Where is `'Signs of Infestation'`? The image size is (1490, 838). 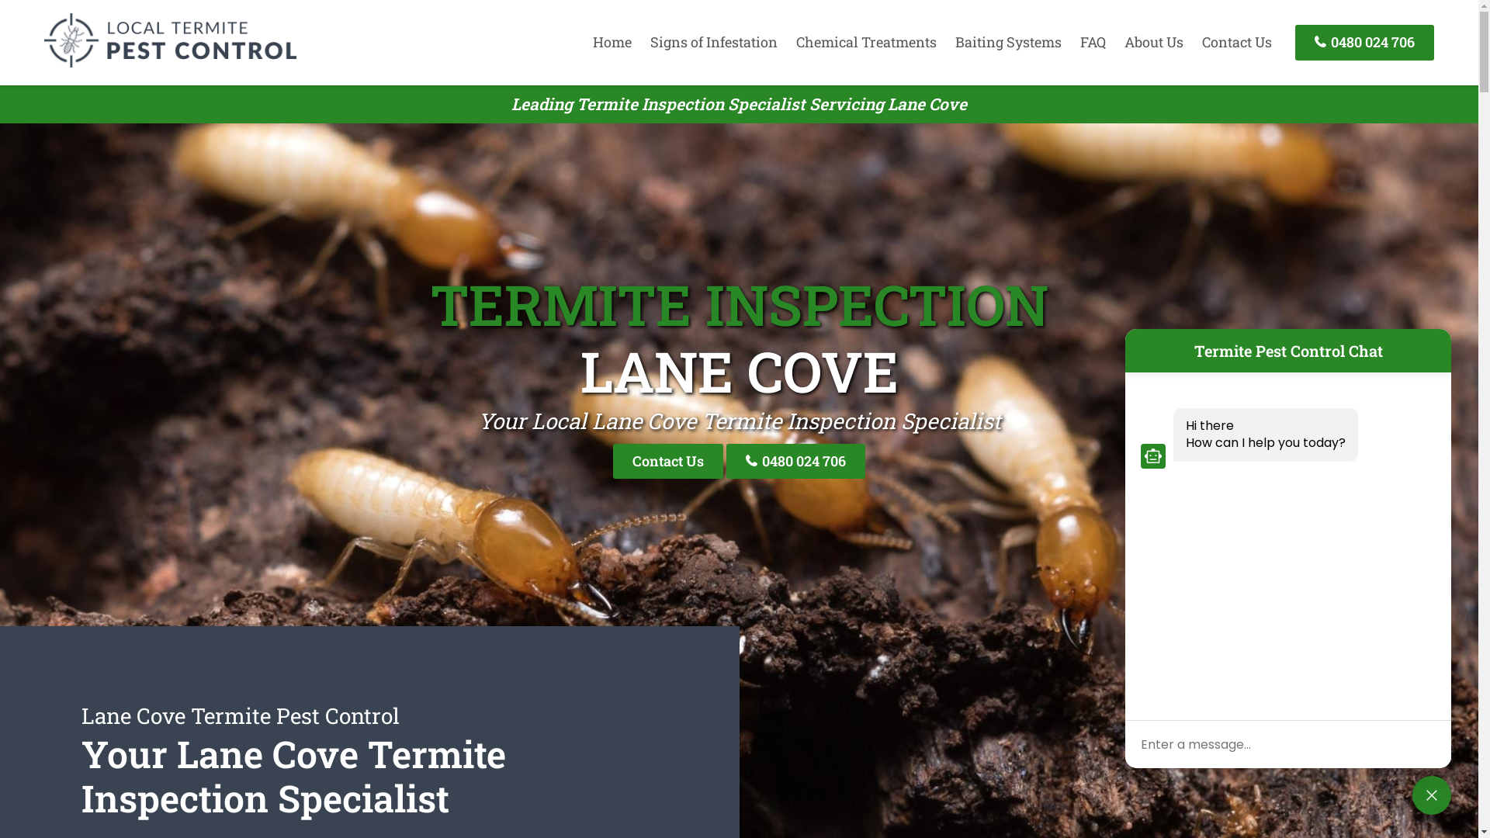 'Signs of Infestation' is located at coordinates (713, 41).